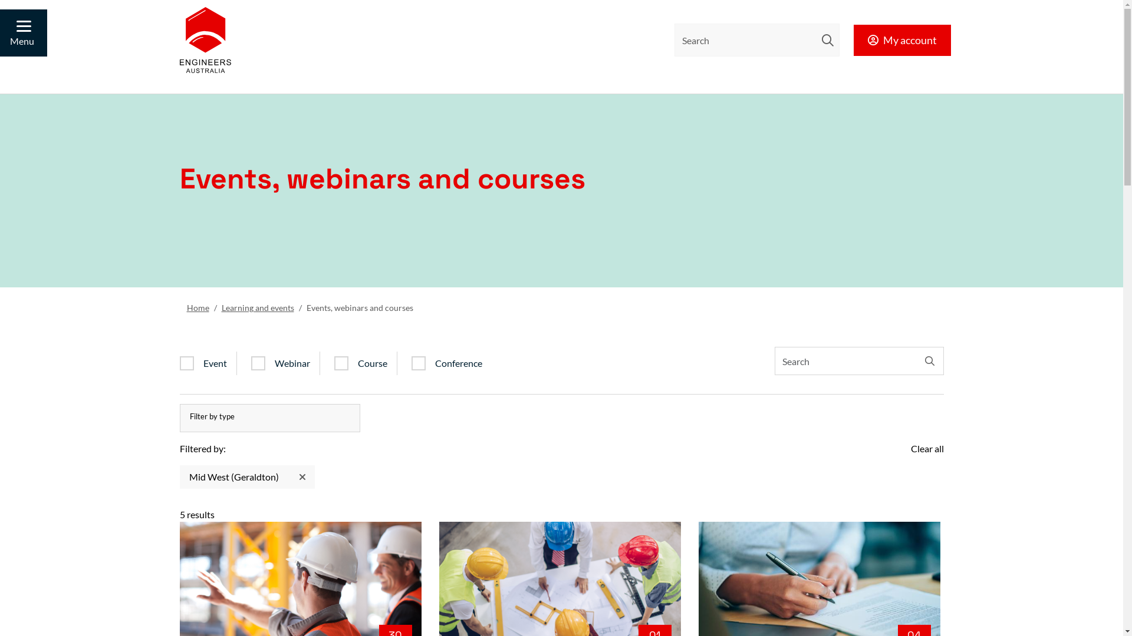 The width and height of the screenshot is (1132, 636). Describe the element at coordinates (186, 307) in the screenshot. I see `'Home'` at that location.